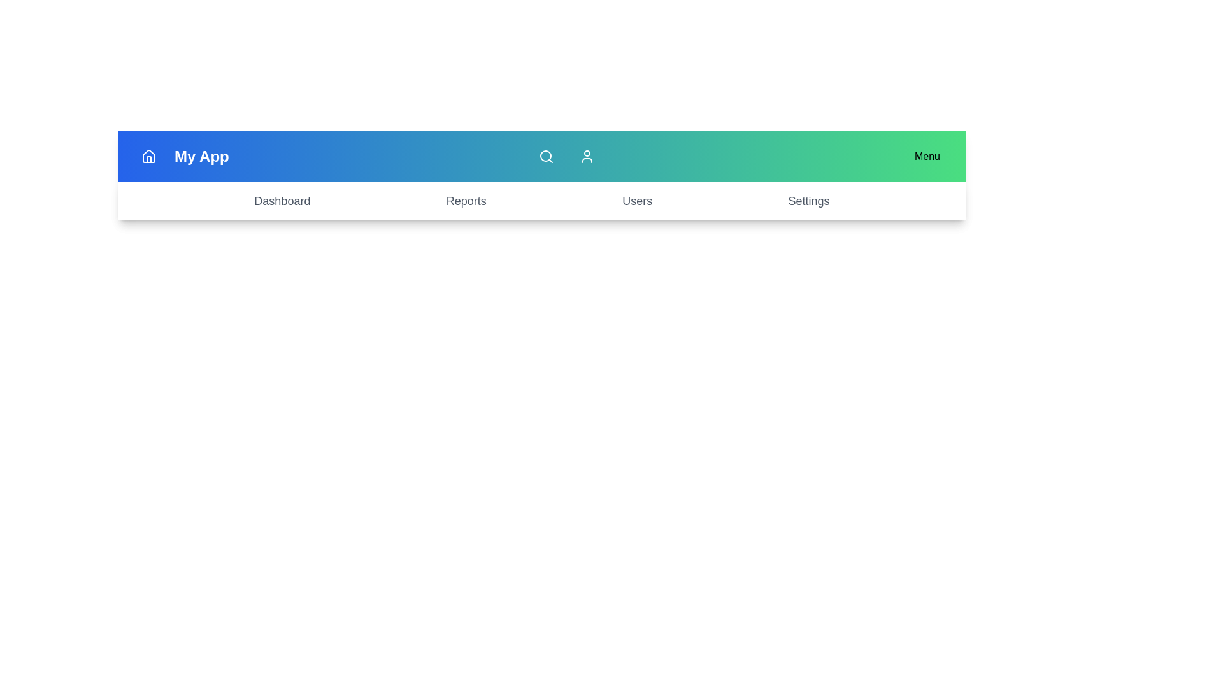  Describe the element at coordinates (808, 201) in the screenshot. I see `the menu item Settings from the navigation bar` at that location.